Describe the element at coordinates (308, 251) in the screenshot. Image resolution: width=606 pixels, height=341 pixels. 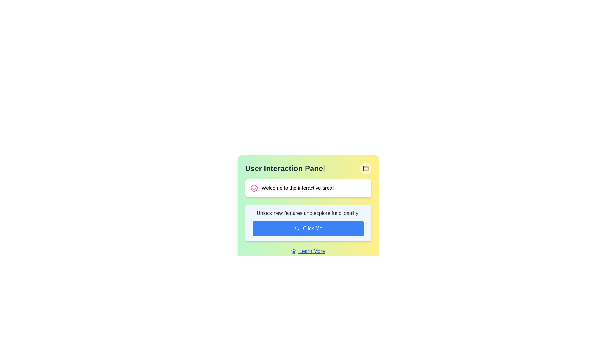
I see `the 'Learn More' link with blue text and an underline, located at the bottom center of the panel beneath the 'Click Me' button` at that location.